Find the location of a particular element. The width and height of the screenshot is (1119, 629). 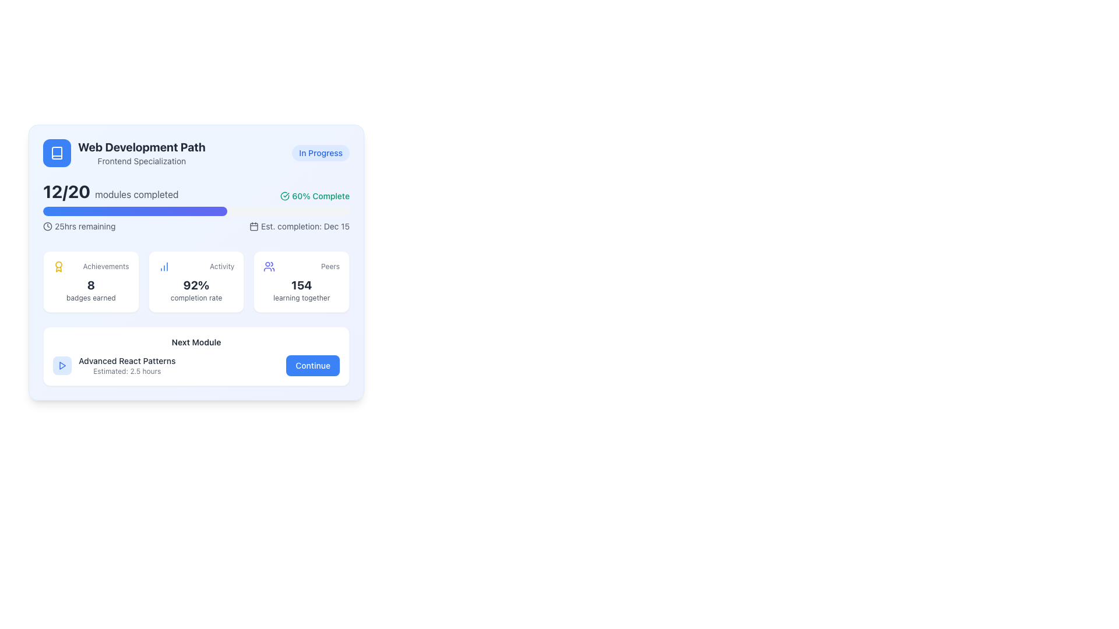

the time estimation label located below 'Advanced React Patterns' in the 'Next Module' section is located at coordinates (127, 371).